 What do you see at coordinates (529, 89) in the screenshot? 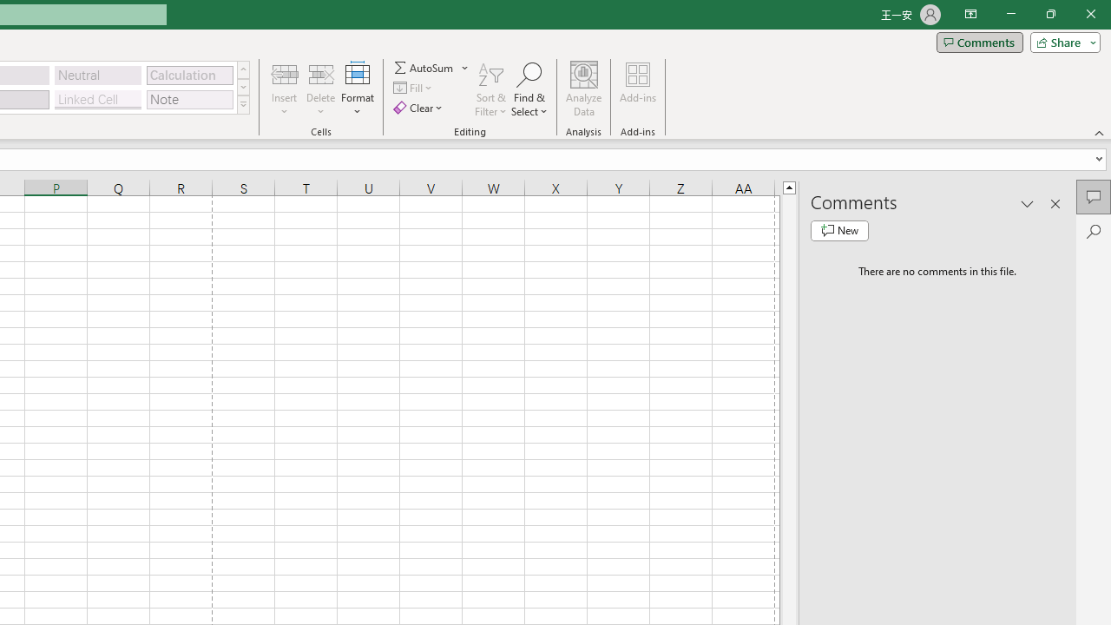
I see `'Find & Select'` at bounding box center [529, 89].